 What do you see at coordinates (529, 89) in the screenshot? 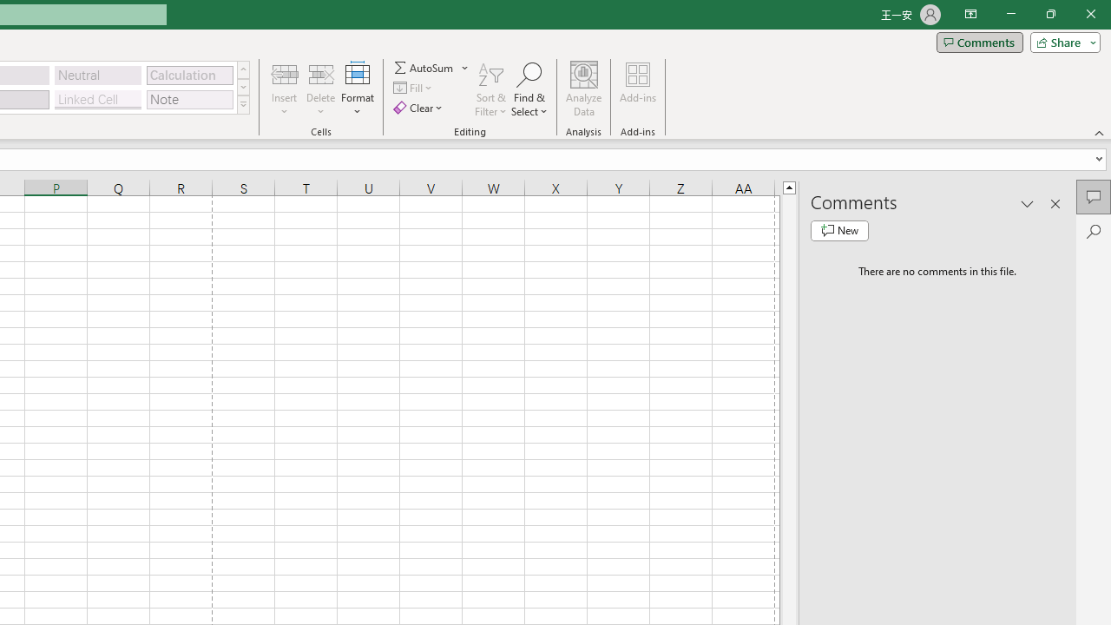
I see `'Find & Select'` at bounding box center [529, 89].